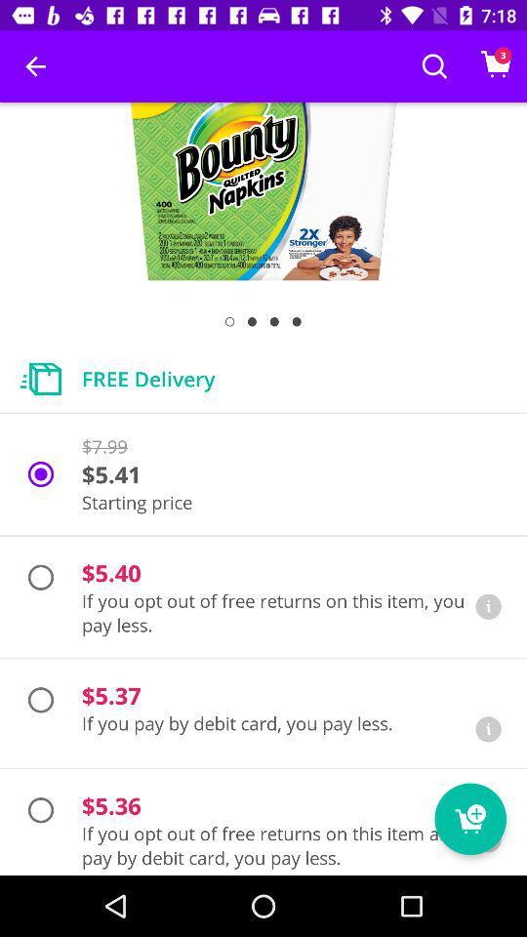 The image size is (527, 937). I want to click on go back, so click(487, 728).